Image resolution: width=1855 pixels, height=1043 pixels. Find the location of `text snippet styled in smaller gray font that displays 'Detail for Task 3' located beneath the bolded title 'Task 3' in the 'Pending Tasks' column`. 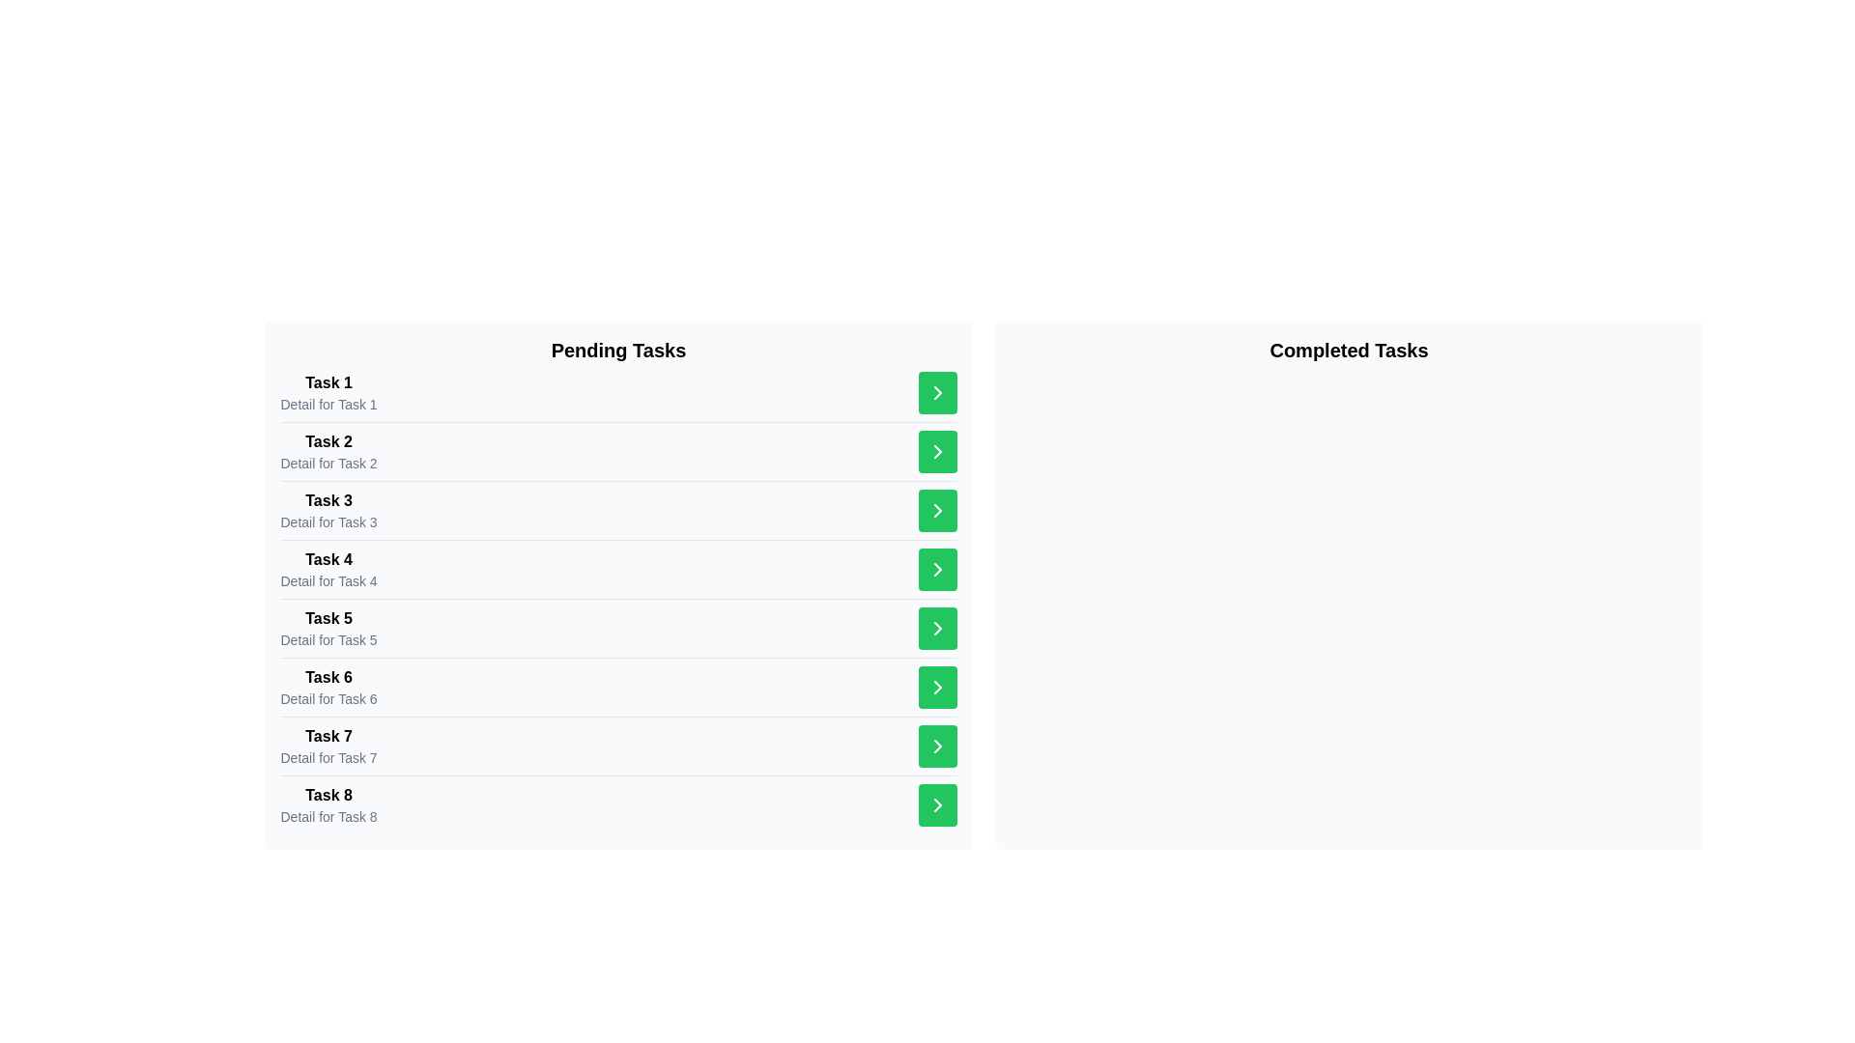

text snippet styled in smaller gray font that displays 'Detail for Task 3' located beneath the bolded title 'Task 3' in the 'Pending Tasks' column is located at coordinates (328, 521).